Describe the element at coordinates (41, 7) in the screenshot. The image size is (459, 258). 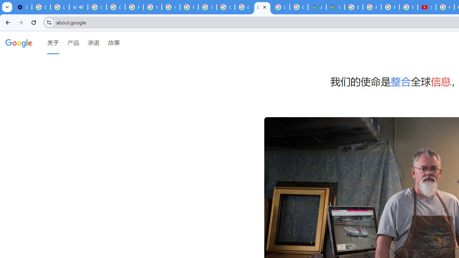
I see `'Delete photos & videos - Computer - Google Photos Help'` at that location.